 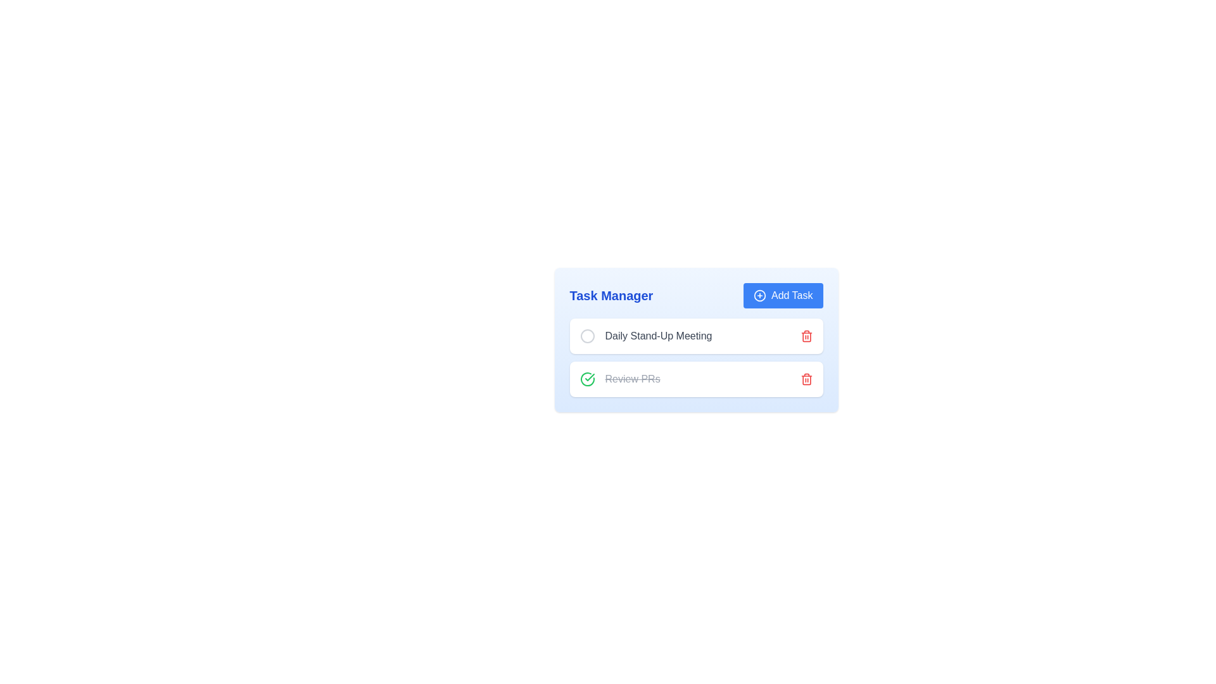 I want to click on the visual state of the checkmark icon inside the circular SVG element, located to the left of the 'Review PRs' text in the task list, which is the second item in the list of tasks, so click(x=589, y=377).